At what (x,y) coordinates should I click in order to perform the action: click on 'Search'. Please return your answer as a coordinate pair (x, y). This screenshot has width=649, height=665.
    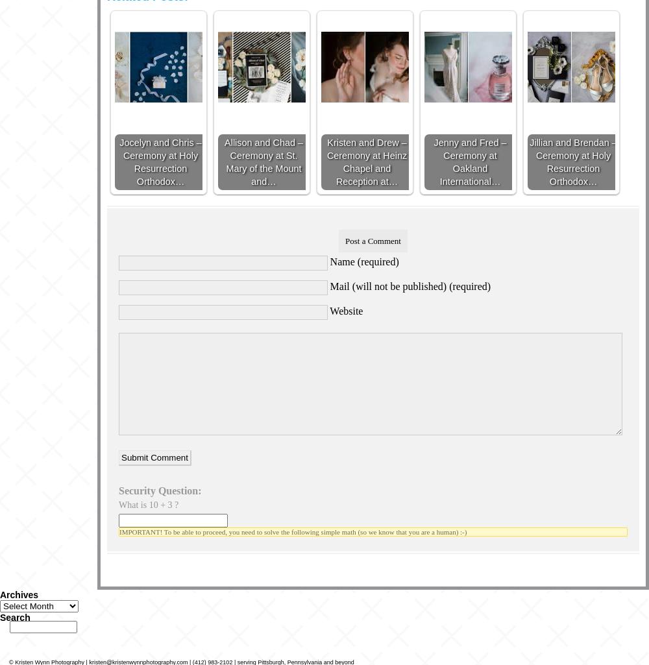
    Looking at the image, I should click on (15, 616).